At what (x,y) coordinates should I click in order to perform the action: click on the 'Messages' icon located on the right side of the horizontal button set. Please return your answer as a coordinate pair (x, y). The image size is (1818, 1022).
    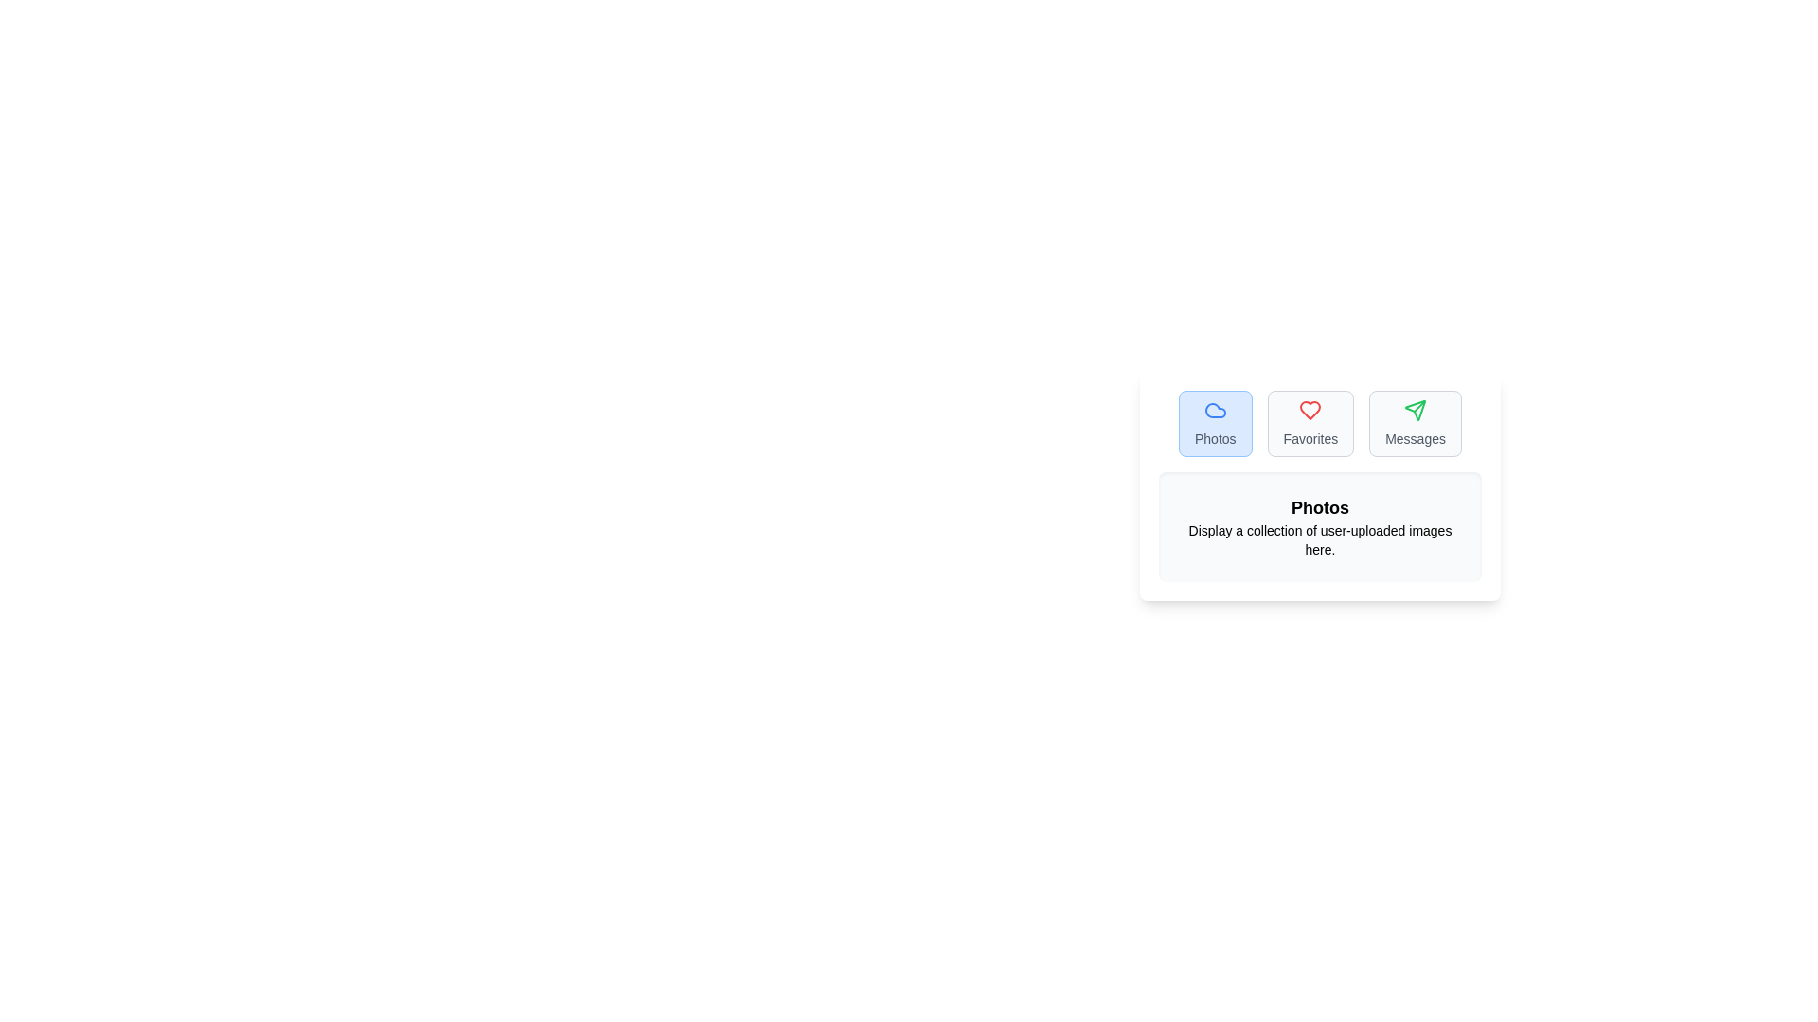
    Looking at the image, I should click on (1416, 410).